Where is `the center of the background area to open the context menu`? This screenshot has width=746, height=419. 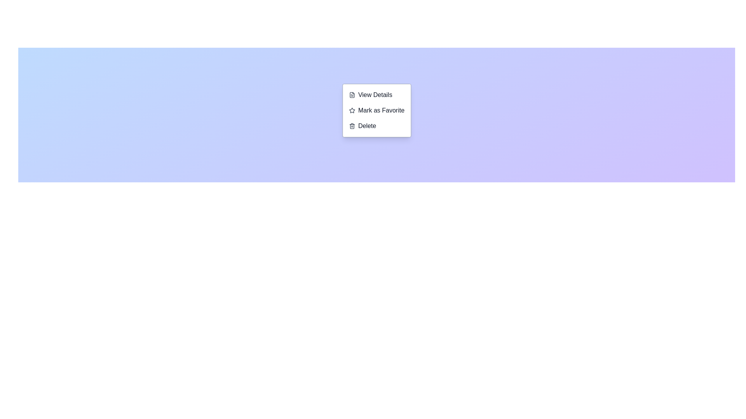
the center of the background area to open the context menu is located at coordinates (376, 257).